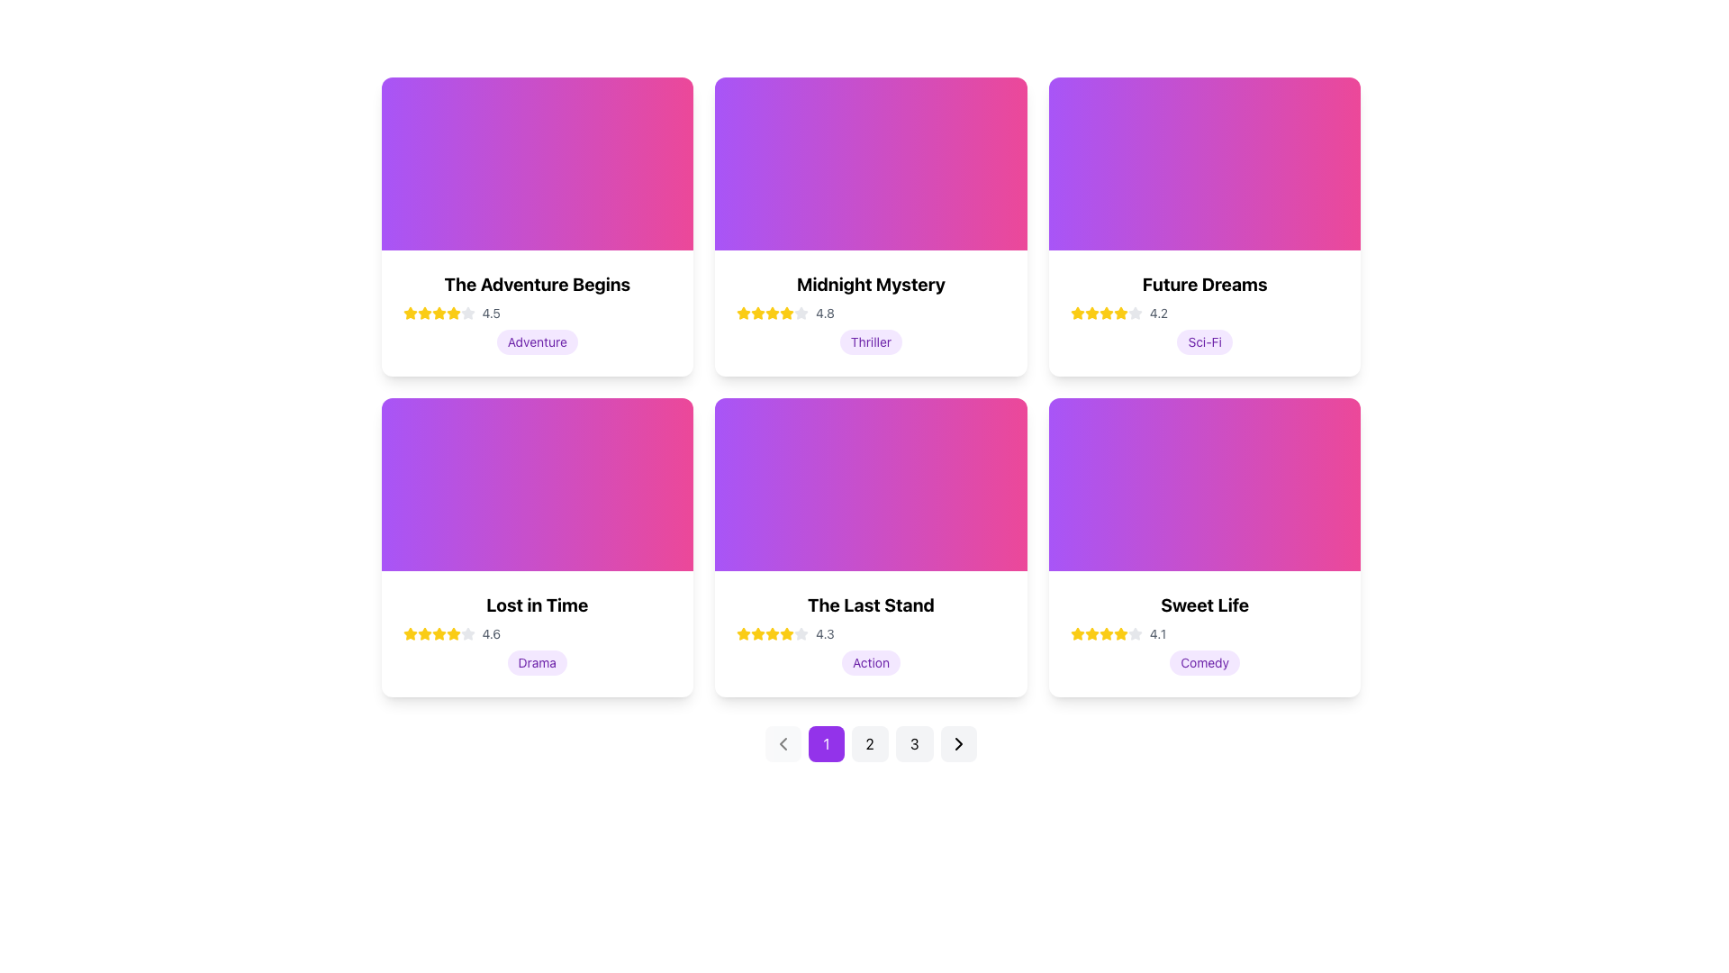 The width and height of the screenshot is (1729, 973). I want to click on the text display showing '4.6', which is positioned adjacent to the star icons in the lower central part of the card labeled 'Lost in Time', so click(491, 633).